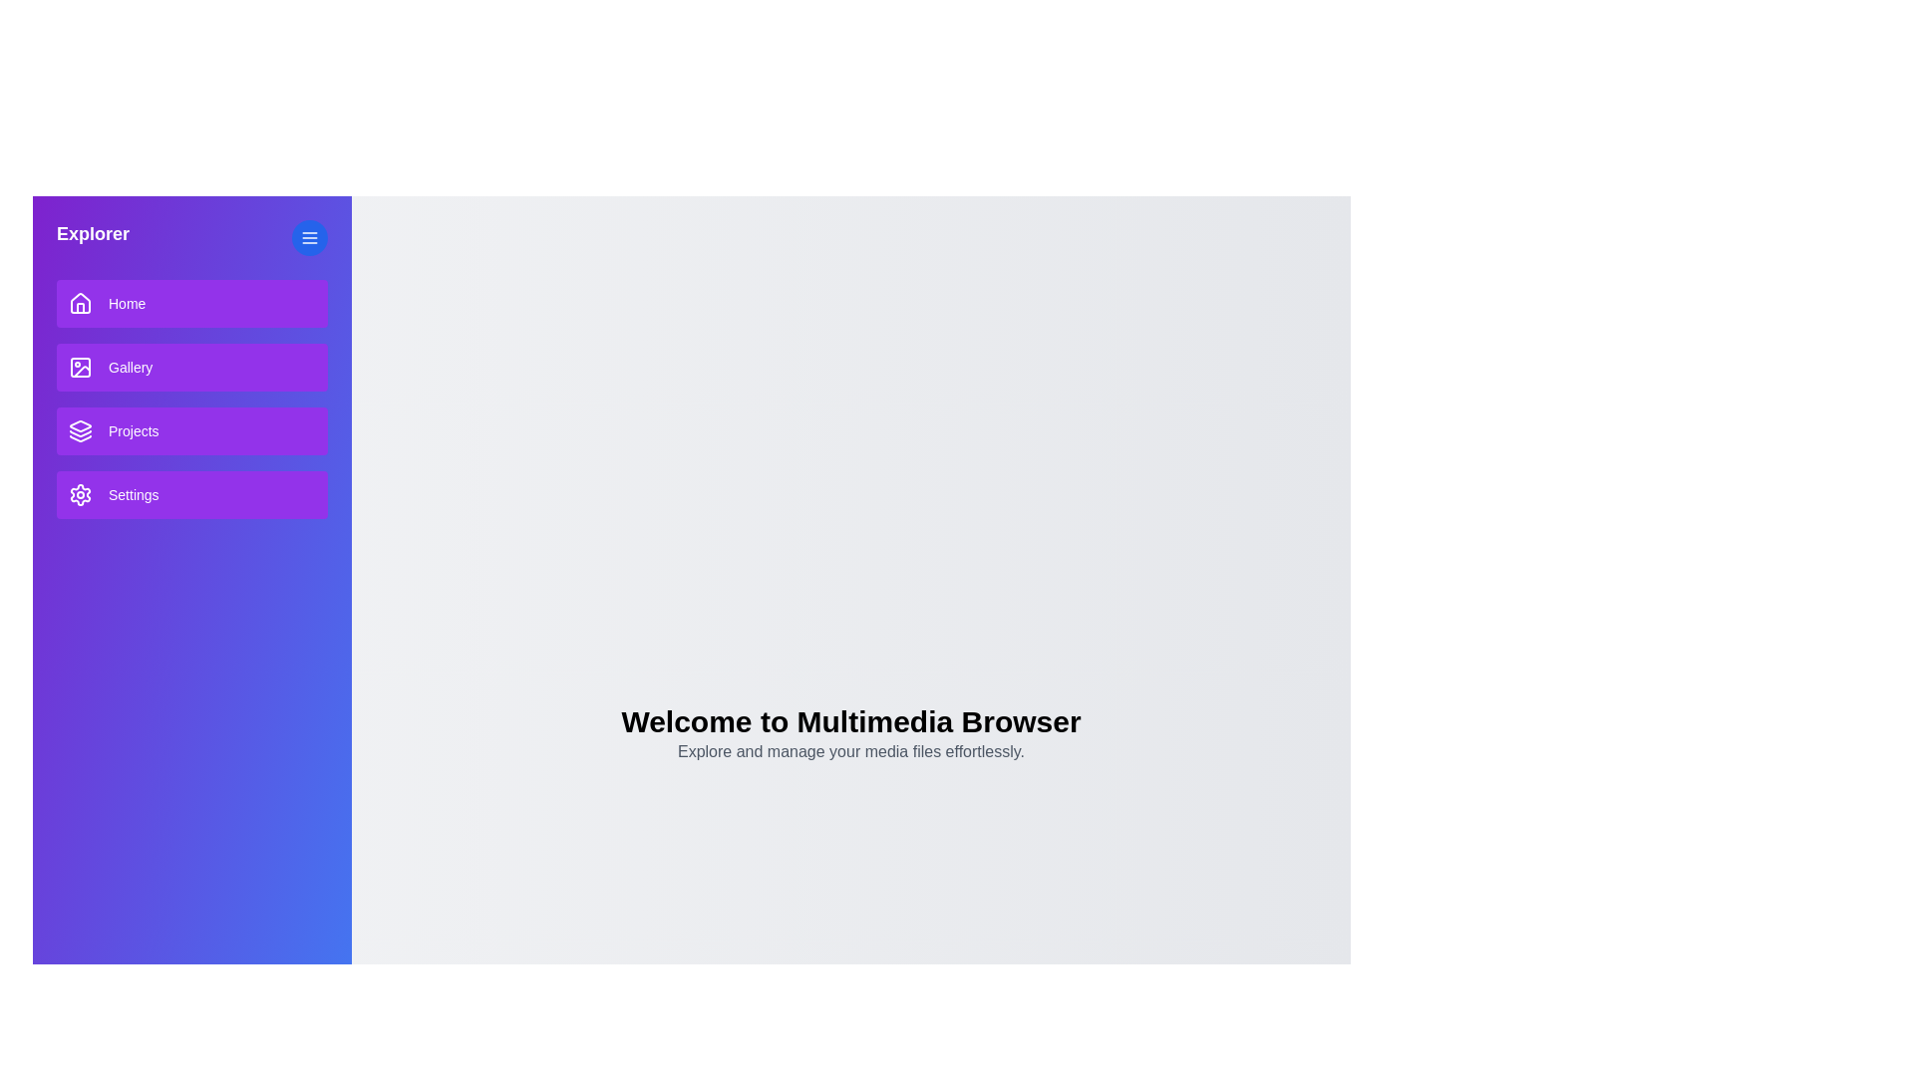 Image resolution: width=1914 pixels, height=1076 pixels. What do you see at coordinates (191, 368) in the screenshot?
I see `the 'Gallery' button to navigate to the Gallery section` at bounding box center [191, 368].